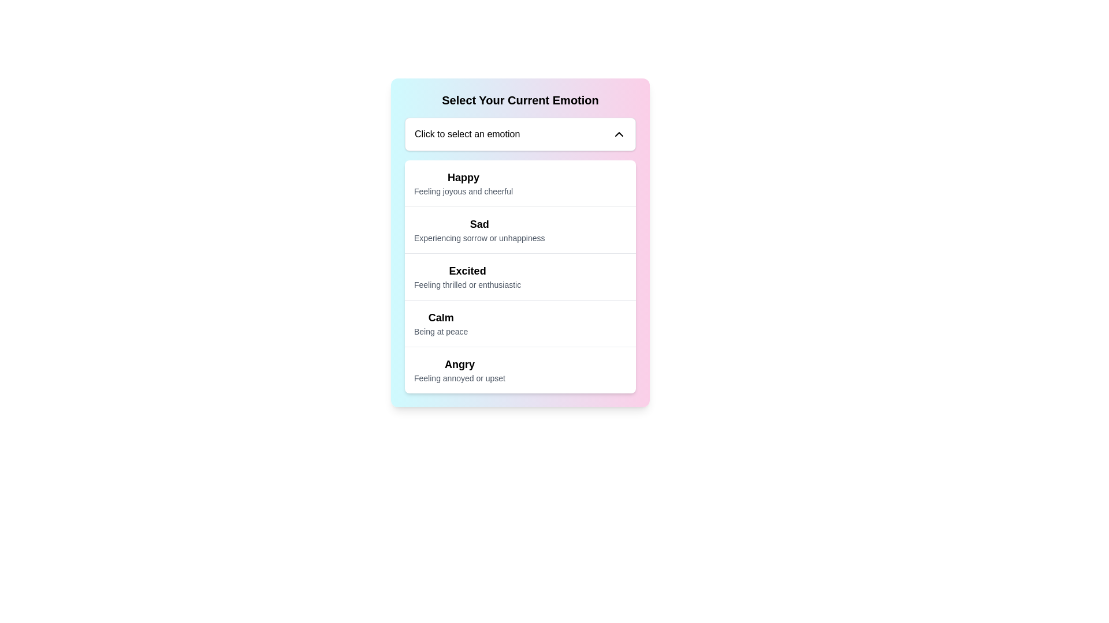 The width and height of the screenshot is (1109, 623). I want to click on the Text label indicating the first emotion entry in the list, which is located at the top of the vertical list inside a modal-like card, so click(463, 178).